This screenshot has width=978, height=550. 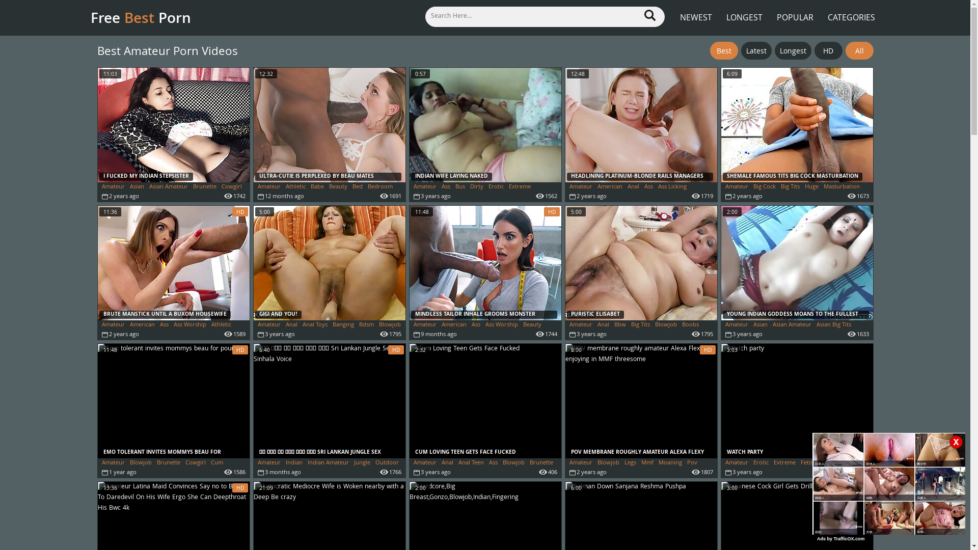 What do you see at coordinates (690, 325) in the screenshot?
I see `'Boobs'` at bounding box center [690, 325].